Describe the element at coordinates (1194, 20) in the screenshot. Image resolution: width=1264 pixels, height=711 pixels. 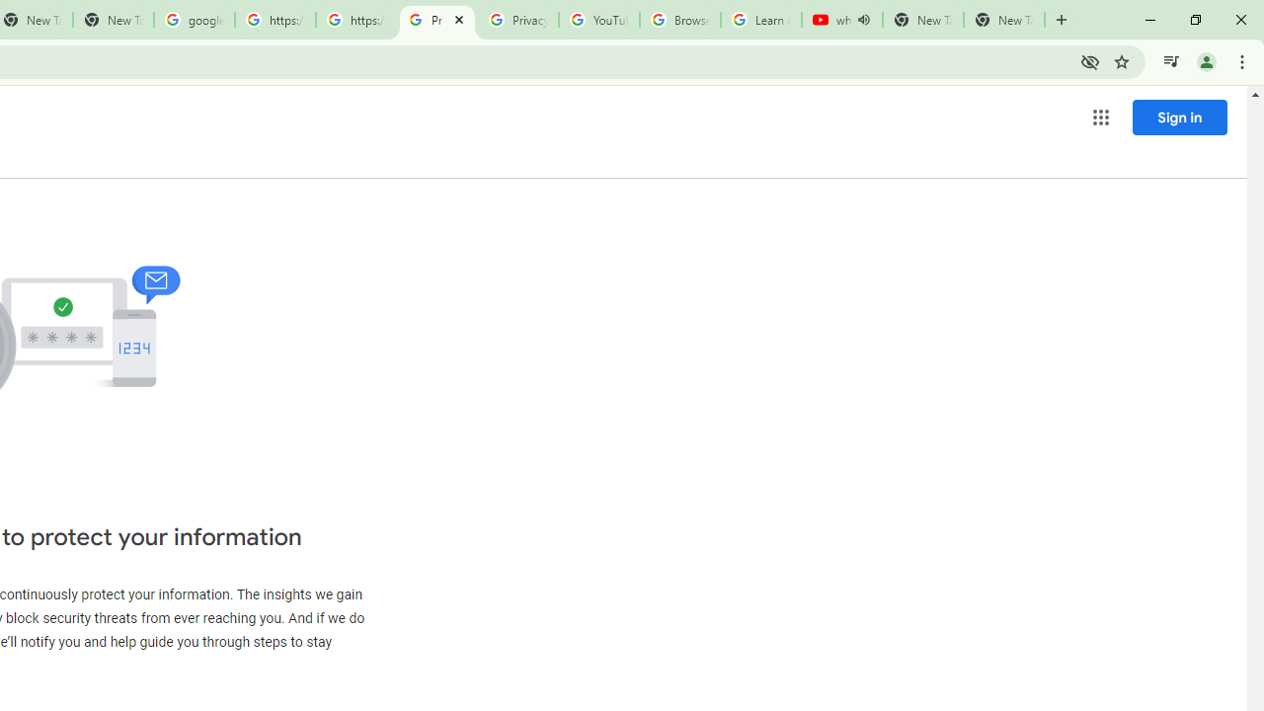
I see `'Restore'` at that location.